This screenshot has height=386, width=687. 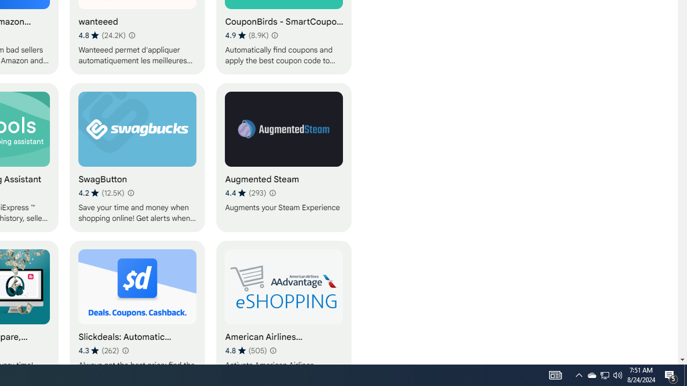 I want to click on 'Average rating 4.4 out of 5 stars. 293 ratings.', so click(x=245, y=193).